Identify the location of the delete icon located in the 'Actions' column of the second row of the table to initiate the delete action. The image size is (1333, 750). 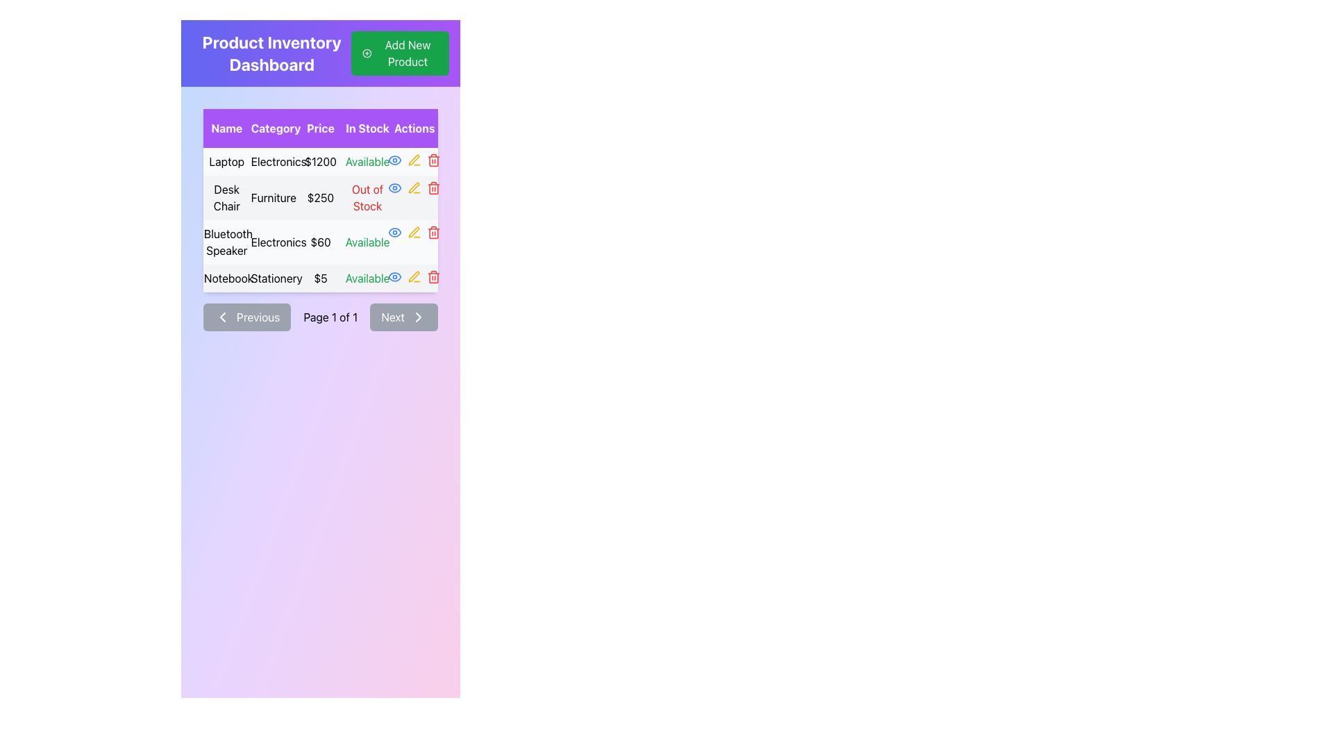
(433, 187).